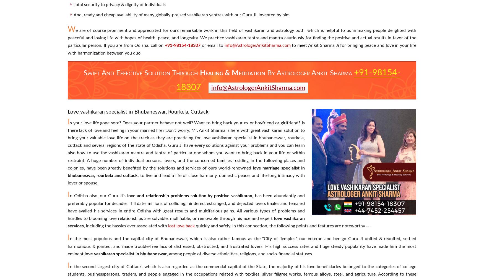 This screenshot has width=484, height=280. What do you see at coordinates (181, 14) in the screenshot?
I see `'And, ready and cheap availability of many globally-praised vashikaran yantras with our Guru Ji, invented by him'` at bounding box center [181, 14].